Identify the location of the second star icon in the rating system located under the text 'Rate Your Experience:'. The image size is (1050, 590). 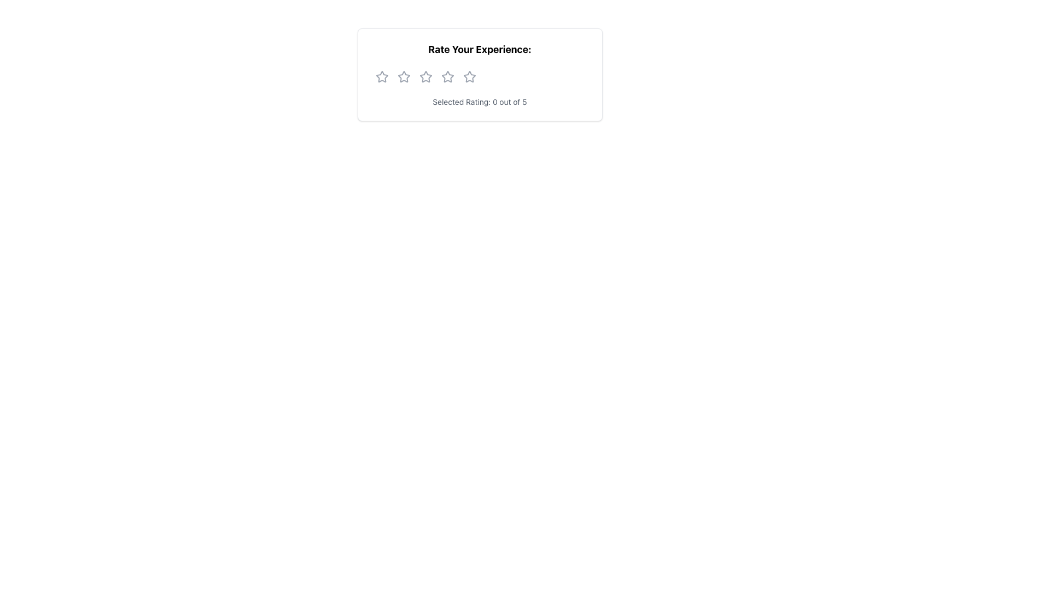
(425, 76).